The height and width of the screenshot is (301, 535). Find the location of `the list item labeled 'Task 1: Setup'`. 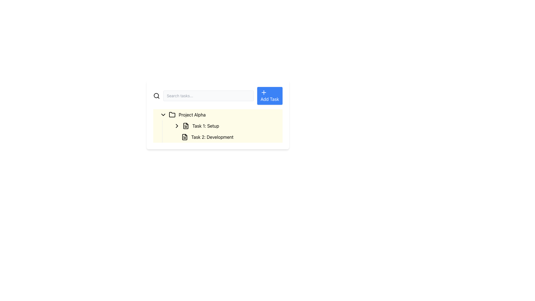

the list item labeled 'Task 1: Setup' is located at coordinates (225, 126).